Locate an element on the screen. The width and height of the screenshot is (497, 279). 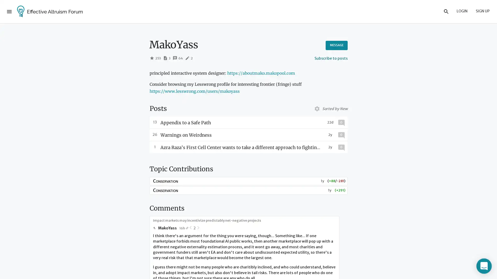
SIGN UP is located at coordinates (483, 11).